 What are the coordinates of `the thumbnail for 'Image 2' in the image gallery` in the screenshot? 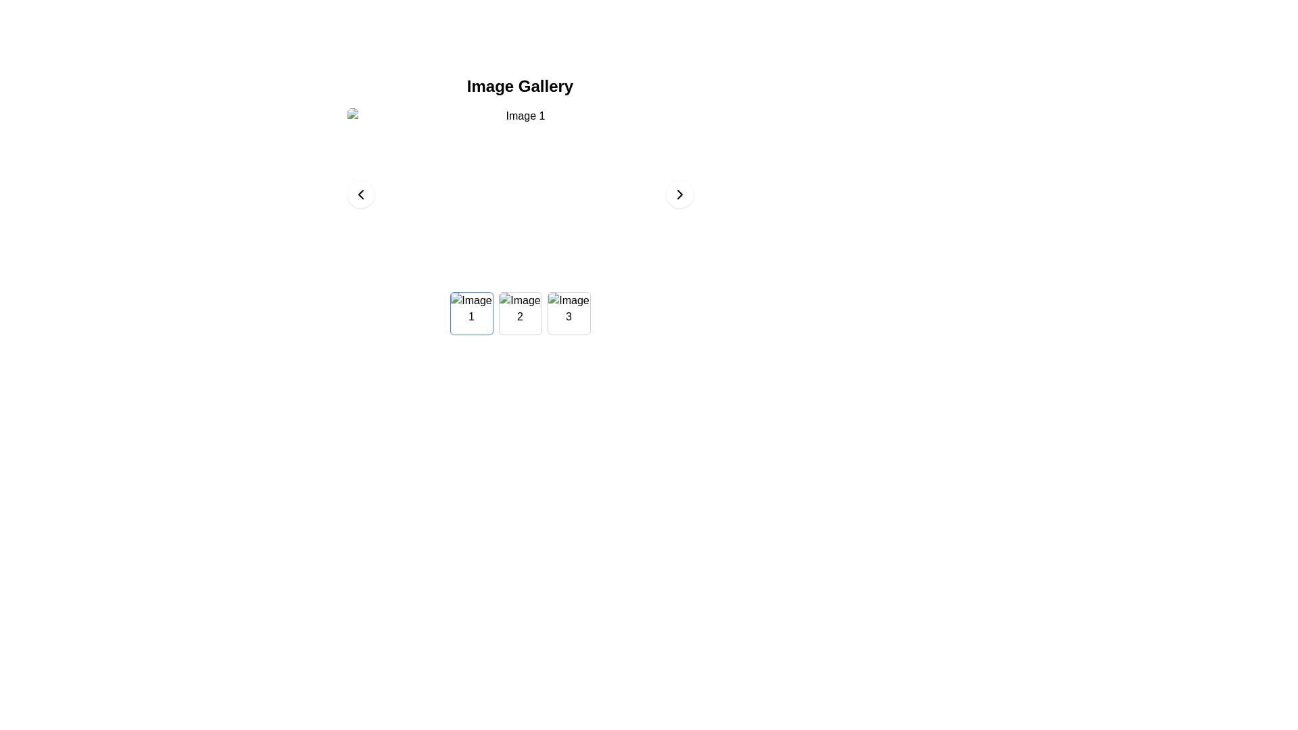 It's located at (519, 313).